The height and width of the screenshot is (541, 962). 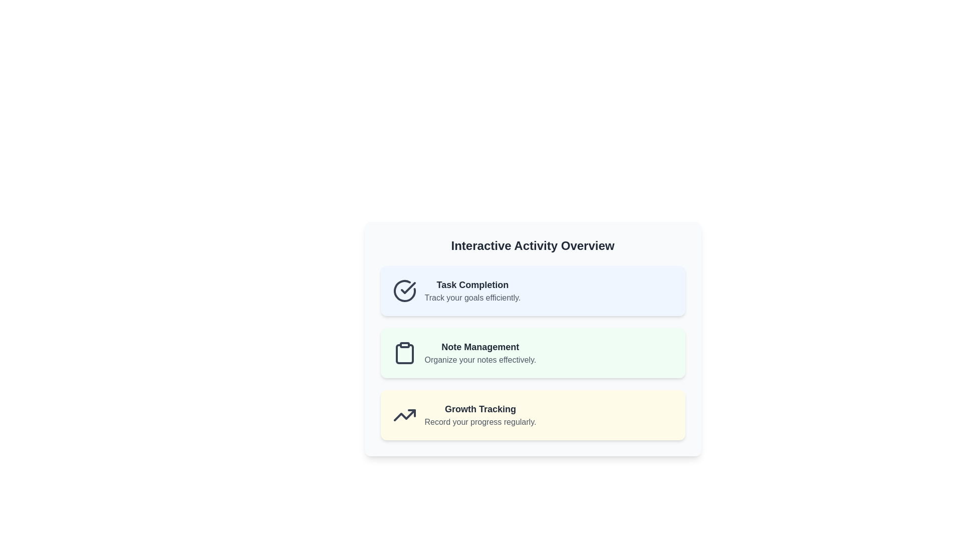 What do you see at coordinates (479, 347) in the screenshot?
I see `the header/text label located at the center top of a greenish box, which is the second item in a three-item list of sections` at bounding box center [479, 347].